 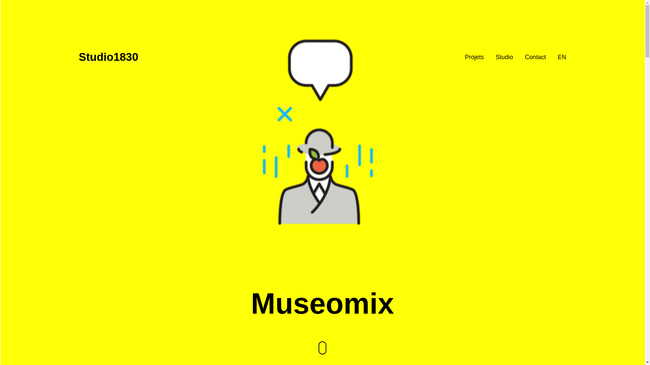 What do you see at coordinates (504, 56) in the screenshot?
I see `'Studio'` at bounding box center [504, 56].